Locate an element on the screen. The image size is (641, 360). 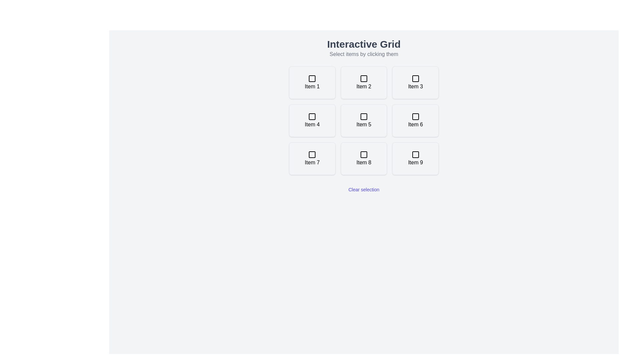
the grid item labeled 'Item 9' with a checkbox icon in the bottom-right corner of the grid is located at coordinates (415, 158).